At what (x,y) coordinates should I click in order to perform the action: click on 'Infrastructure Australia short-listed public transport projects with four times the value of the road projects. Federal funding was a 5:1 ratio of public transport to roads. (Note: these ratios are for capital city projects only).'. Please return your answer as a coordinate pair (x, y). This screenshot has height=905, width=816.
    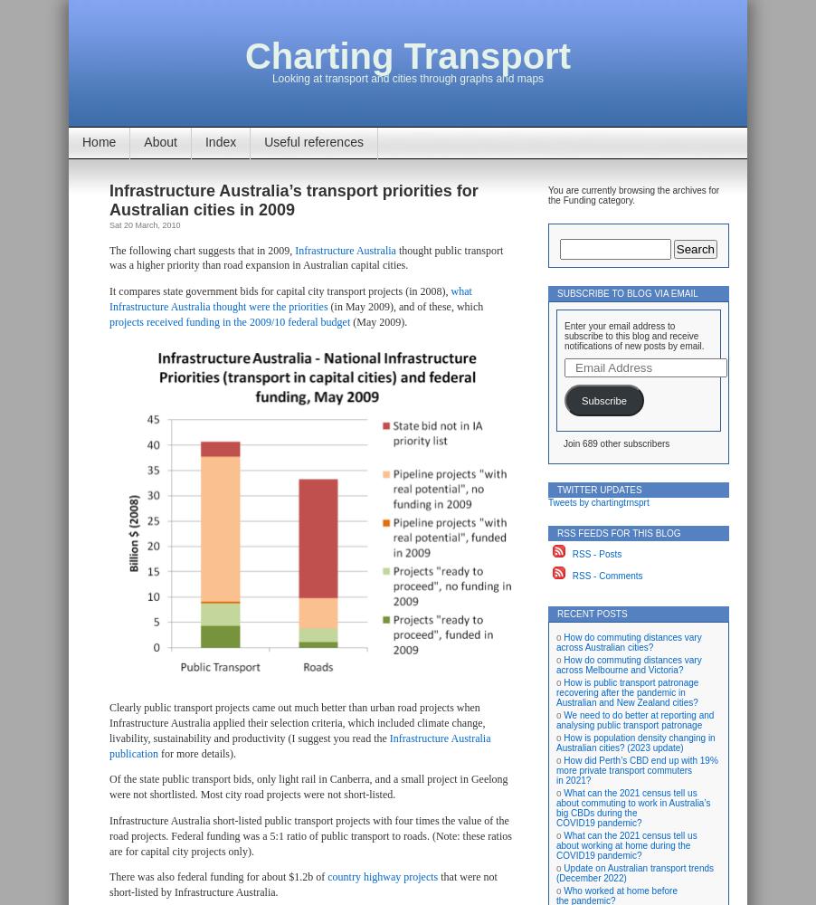
    Looking at the image, I should click on (309, 835).